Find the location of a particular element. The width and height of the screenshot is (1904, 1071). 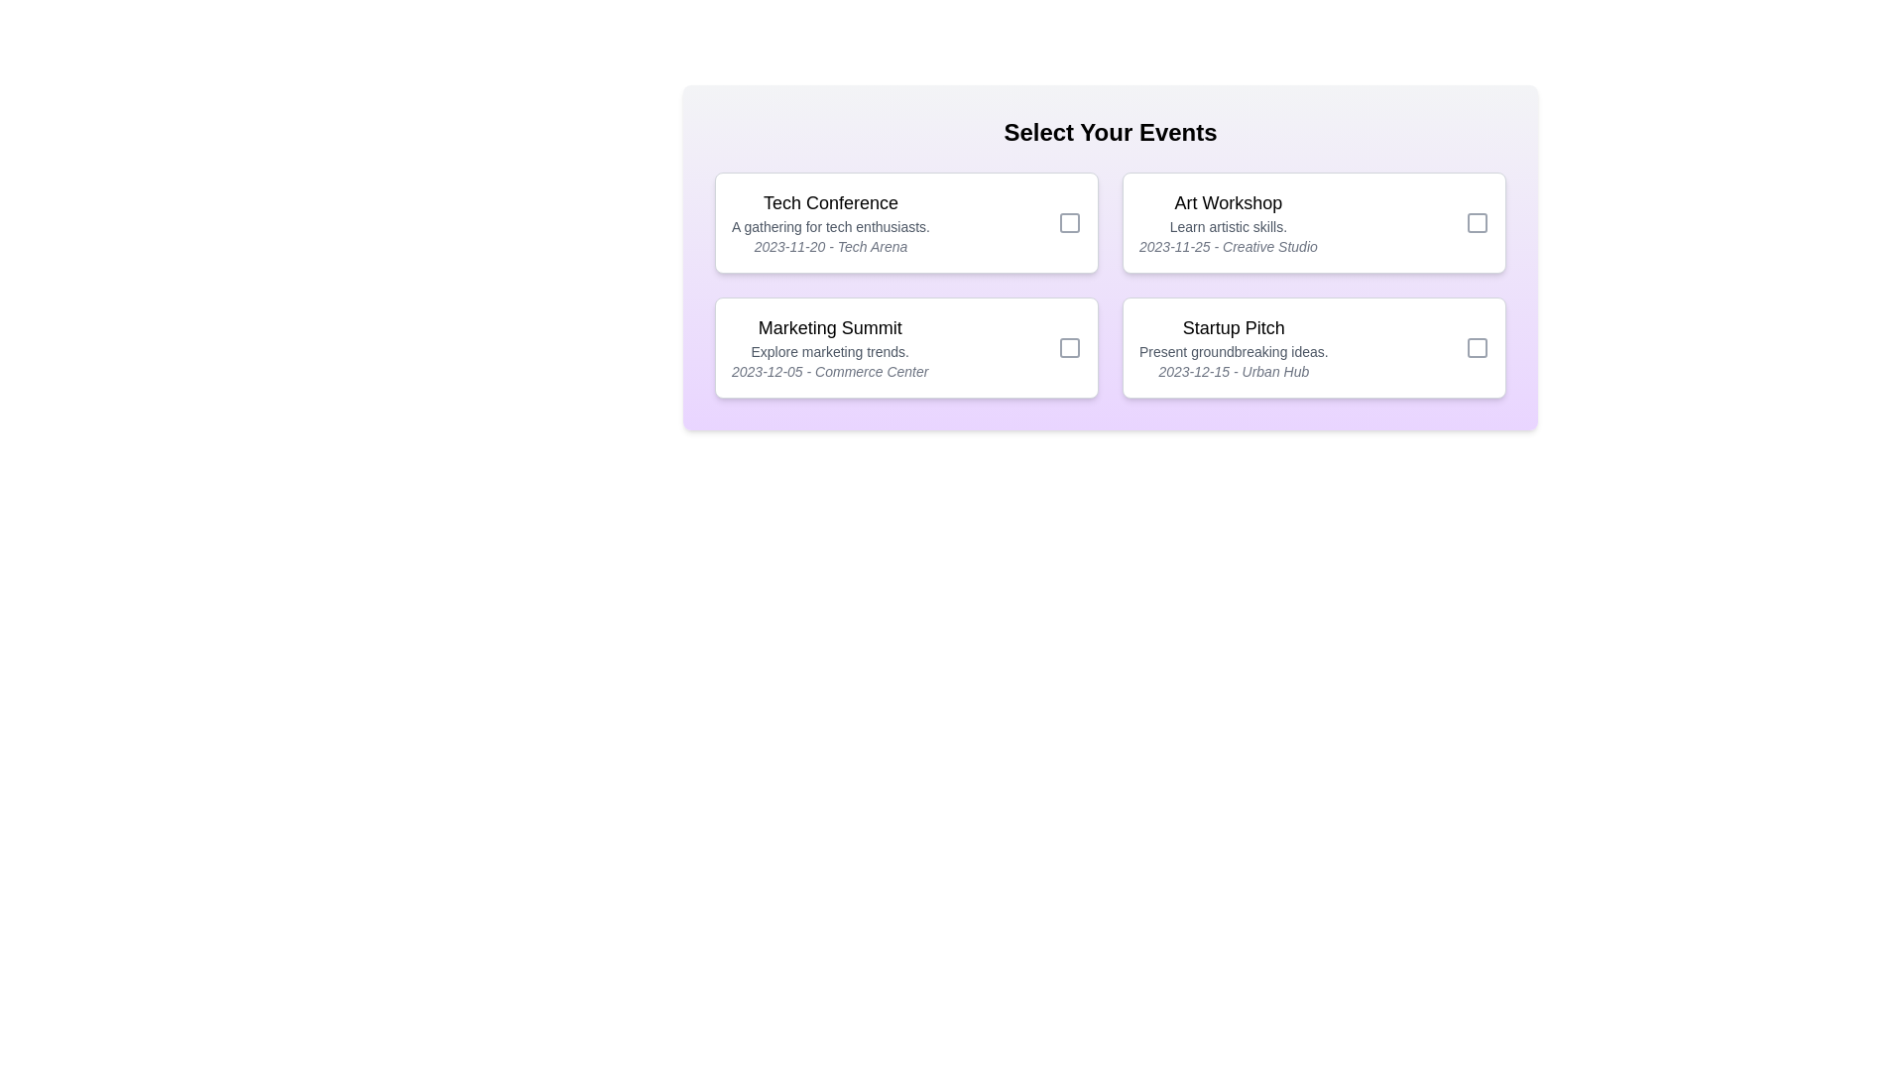

the checkbox for the event Startup Pitch is located at coordinates (1477, 347).